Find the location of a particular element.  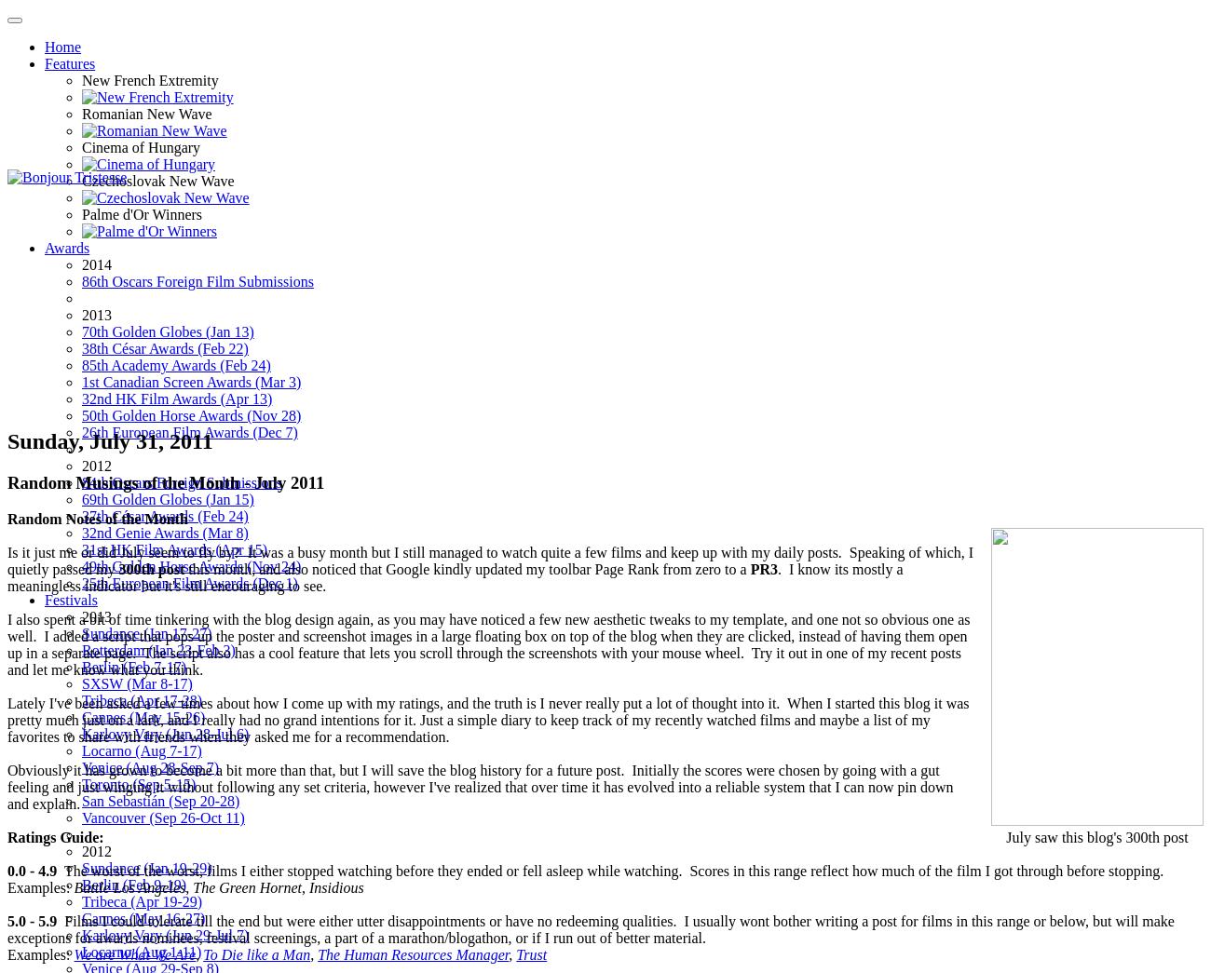

'Lately I've been asked a few times about how I come up with my ratings, and the truth is I never really put a lot of thought into it.  When I started this blog it was pretty much just on a lark, and I really had no grand intentions for it.   Just a simple diary to keep track of my recently watched films and maybe a list of my favorites to share with friends when they asked me for a recommendation.' is located at coordinates (7, 719).